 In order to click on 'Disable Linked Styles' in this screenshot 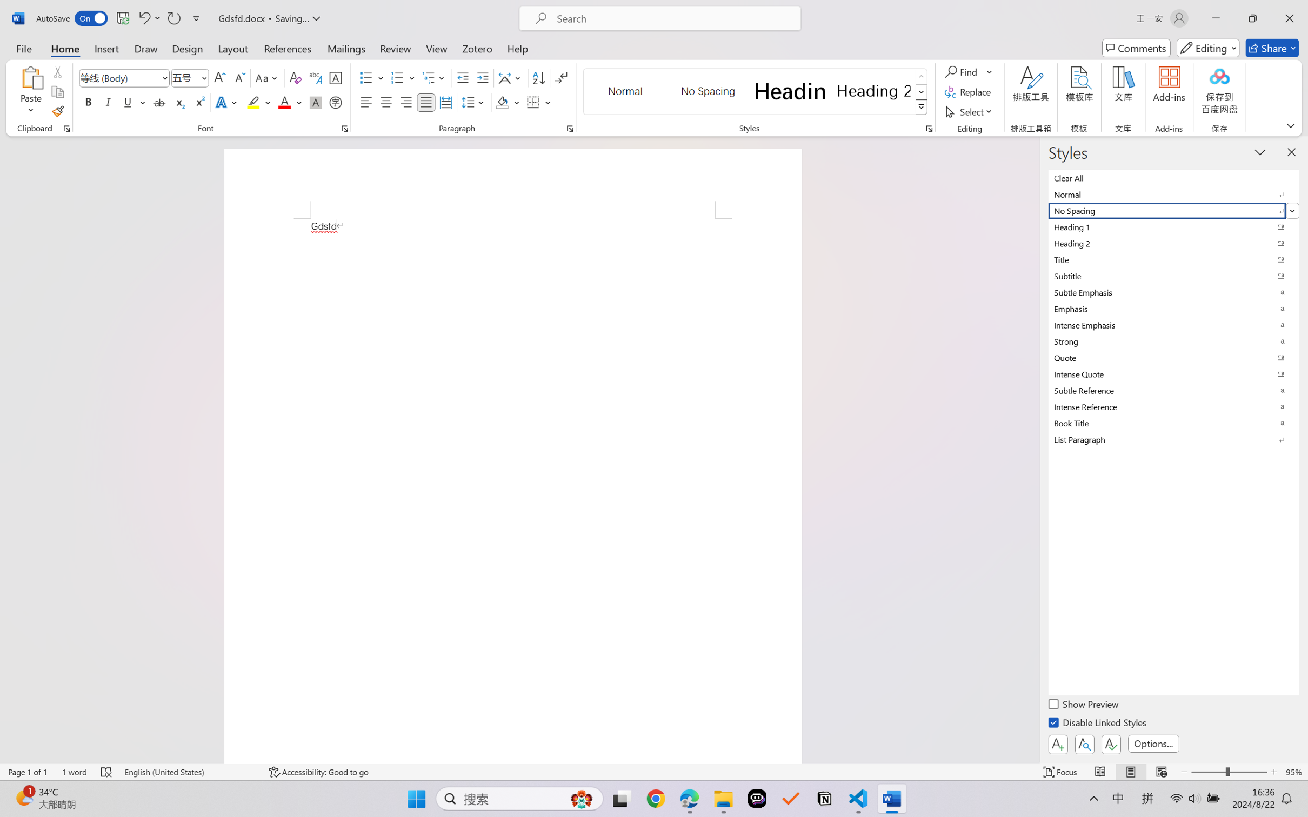, I will do `click(1098, 724)`.